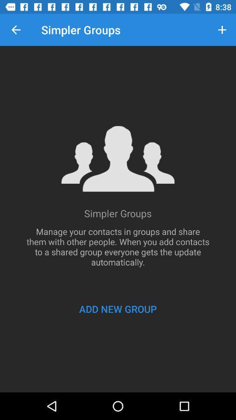  I want to click on the item next to the simpler groups item, so click(16, 30).